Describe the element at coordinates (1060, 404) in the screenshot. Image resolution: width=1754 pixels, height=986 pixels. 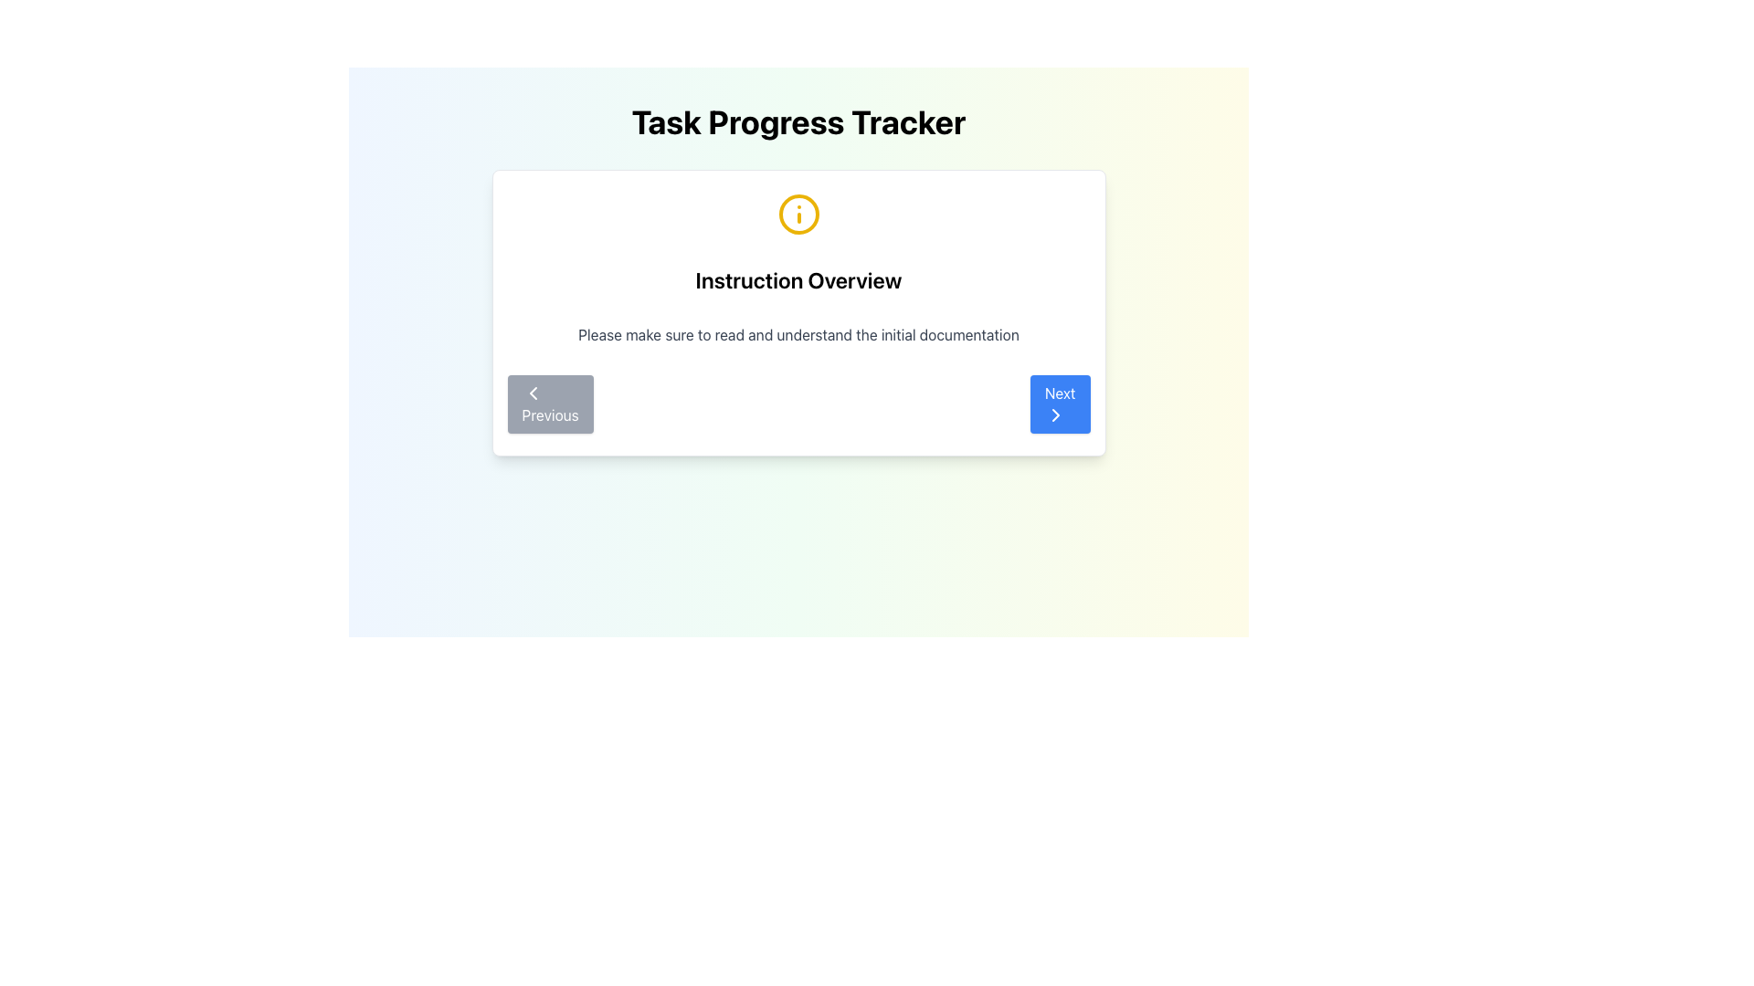
I see `the rectangular button labeled 'Next' with a blue background and white text` at that location.